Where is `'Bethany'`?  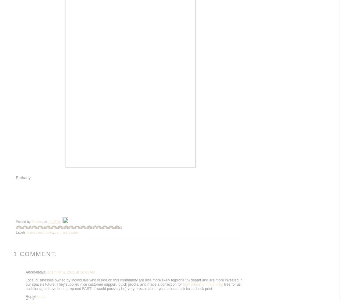
'Bethany' is located at coordinates (38, 222).